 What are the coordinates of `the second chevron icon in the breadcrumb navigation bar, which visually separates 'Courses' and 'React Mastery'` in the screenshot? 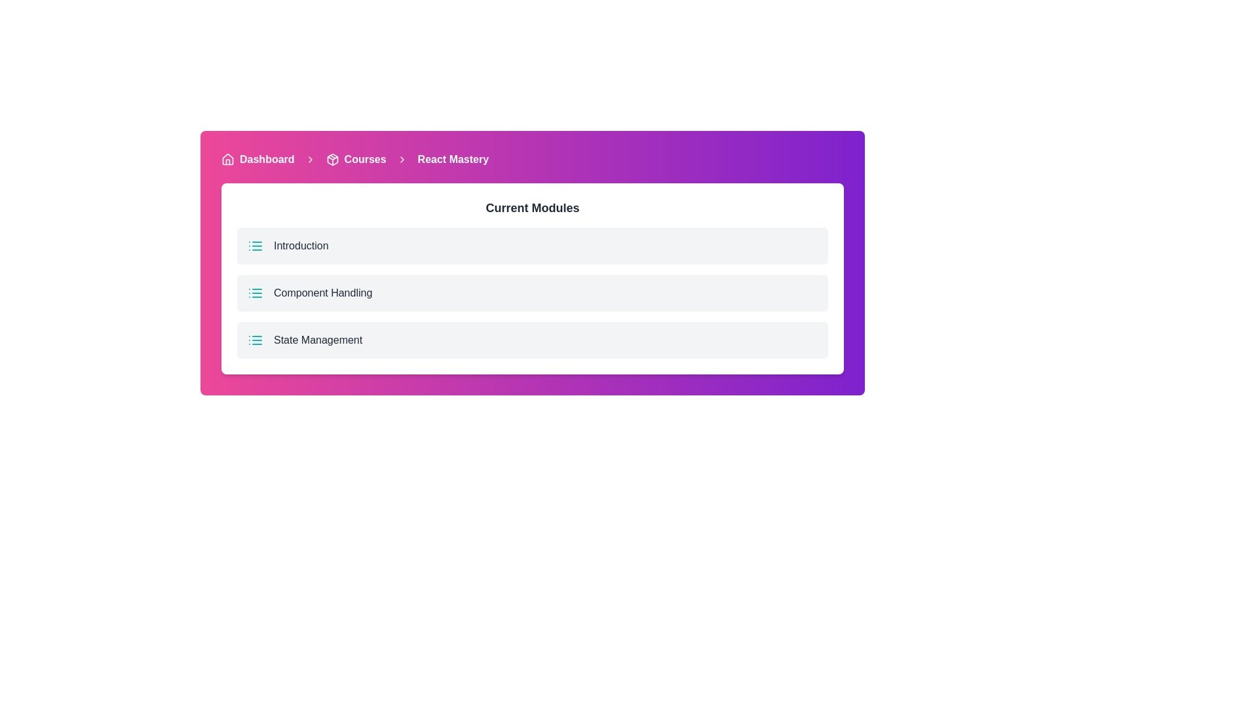 It's located at (401, 158).